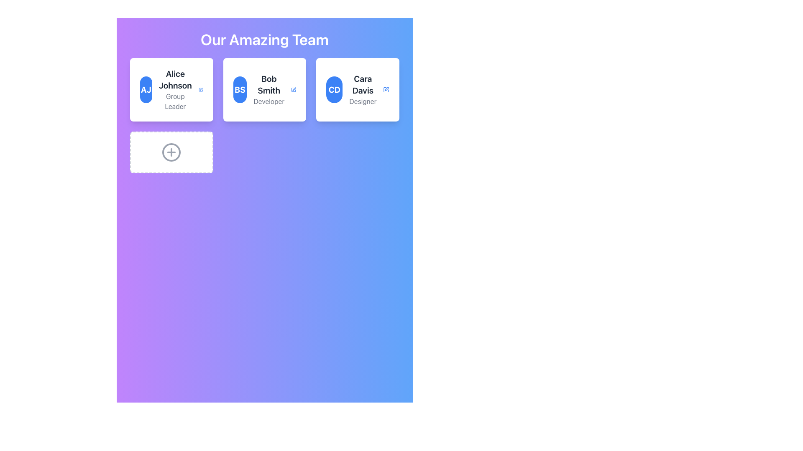 The width and height of the screenshot is (803, 451). Describe the element at coordinates (175, 90) in the screenshot. I see `information displayed in the textual label component that shows 'Alice Johnson' and 'Group Leader' within the leftmost card under 'Our Amazing Team'` at that location.